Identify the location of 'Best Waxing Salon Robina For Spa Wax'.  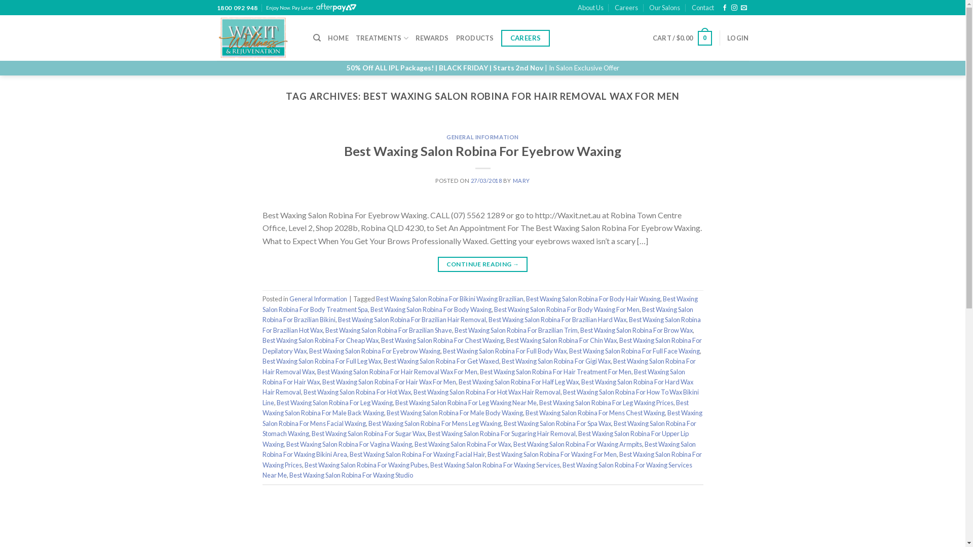
(556, 423).